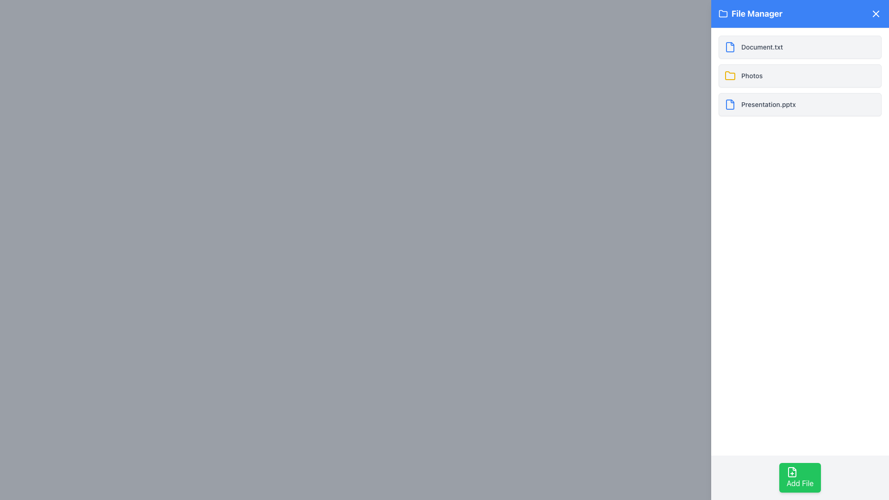 This screenshot has height=500, width=889. Describe the element at coordinates (730, 47) in the screenshot. I see `the SVG document icon located to the left of the label 'Document.txt' in the file manager's first row` at that location.